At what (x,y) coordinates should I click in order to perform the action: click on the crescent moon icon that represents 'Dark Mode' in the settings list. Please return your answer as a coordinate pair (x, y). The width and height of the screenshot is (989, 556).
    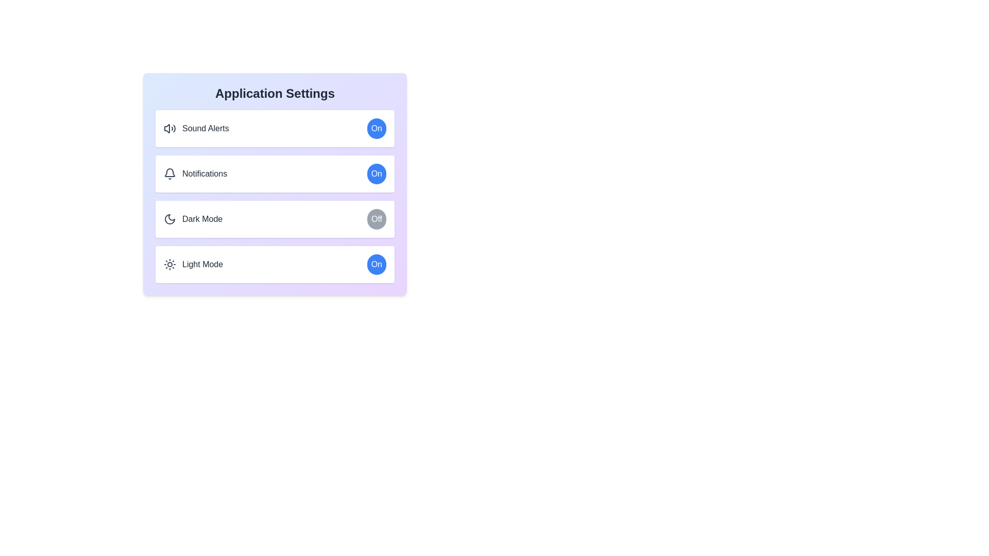
    Looking at the image, I should click on (170, 218).